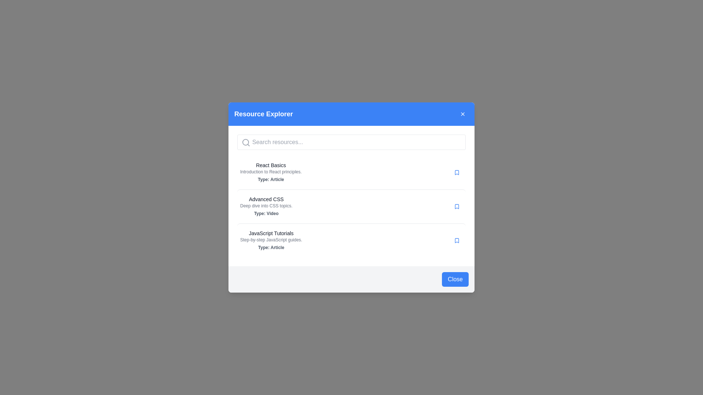 The width and height of the screenshot is (703, 395). Describe the element at coordinates (266, 206) in the screenshot. I see `the descriptive text element located below the title 'Advanced CSS' in the 'Resource Explorer' dialog, providing additional information about the resource` at that location.